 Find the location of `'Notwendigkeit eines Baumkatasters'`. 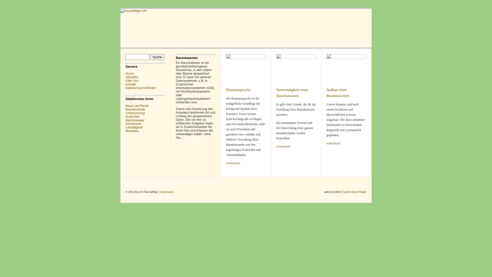

'Notwendigkeit eines Baumkatasters' is located at coordinates (276, 93).